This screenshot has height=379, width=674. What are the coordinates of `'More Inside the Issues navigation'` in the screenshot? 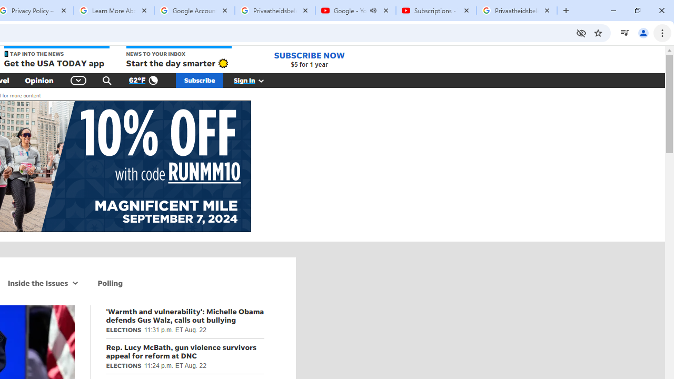 It's located at (75, 282).